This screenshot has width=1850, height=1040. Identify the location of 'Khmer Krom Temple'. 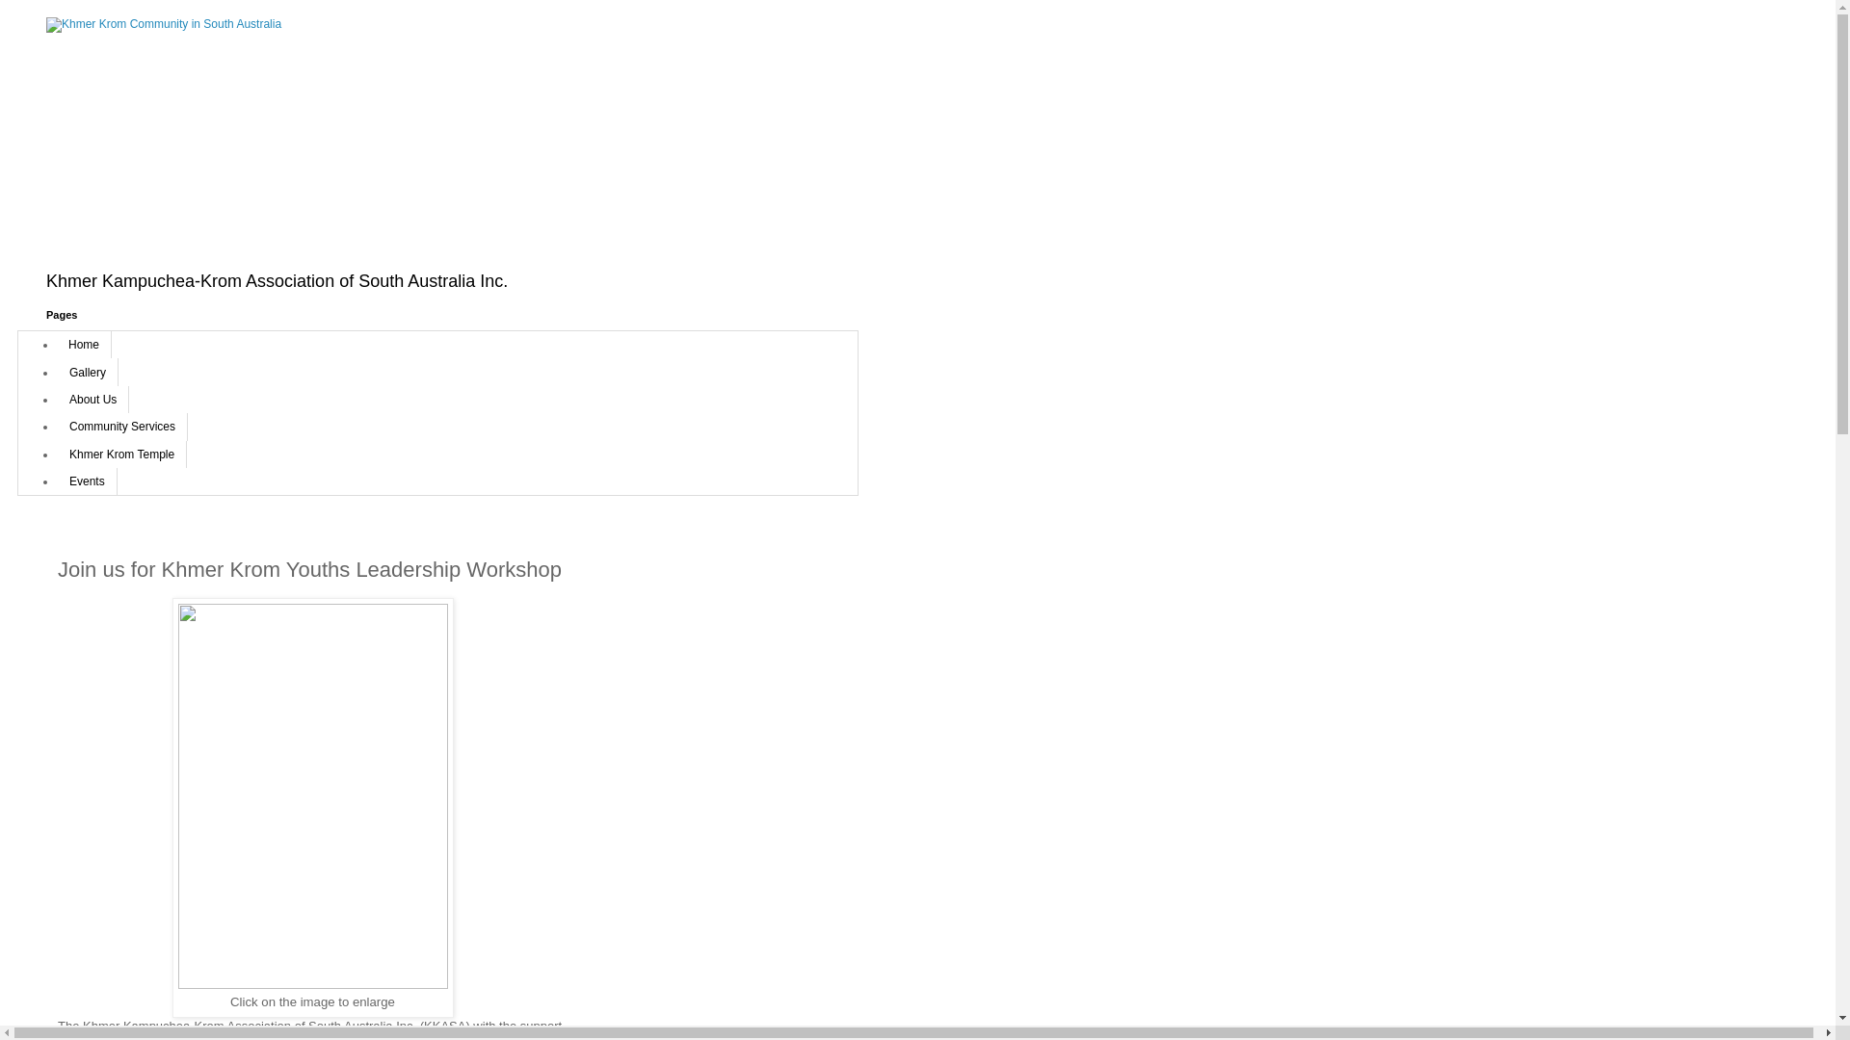
(120, 454).